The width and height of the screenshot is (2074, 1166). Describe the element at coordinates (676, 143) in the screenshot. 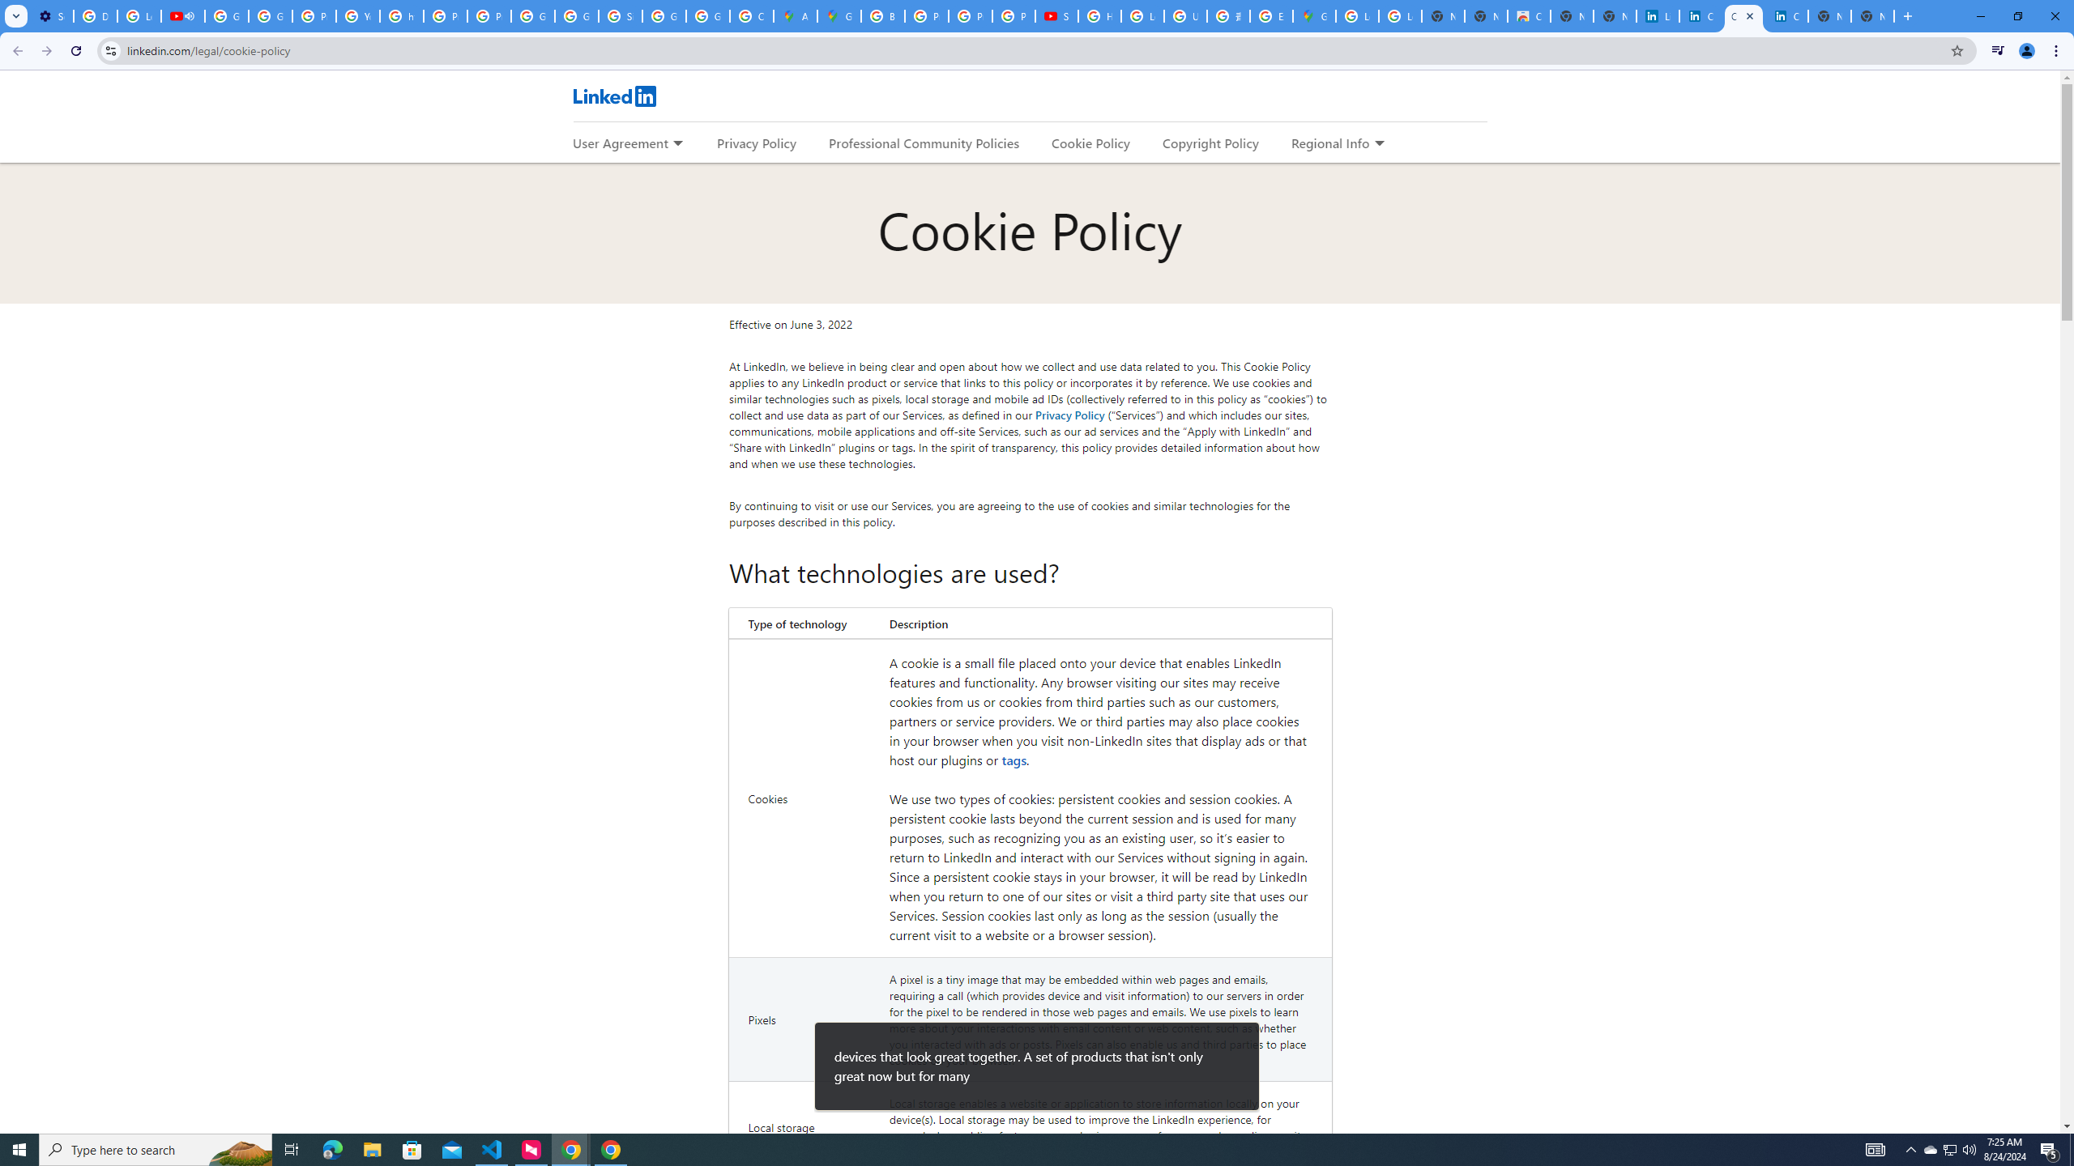

I see `'Expand to show more links for User Agreement'` at that location.